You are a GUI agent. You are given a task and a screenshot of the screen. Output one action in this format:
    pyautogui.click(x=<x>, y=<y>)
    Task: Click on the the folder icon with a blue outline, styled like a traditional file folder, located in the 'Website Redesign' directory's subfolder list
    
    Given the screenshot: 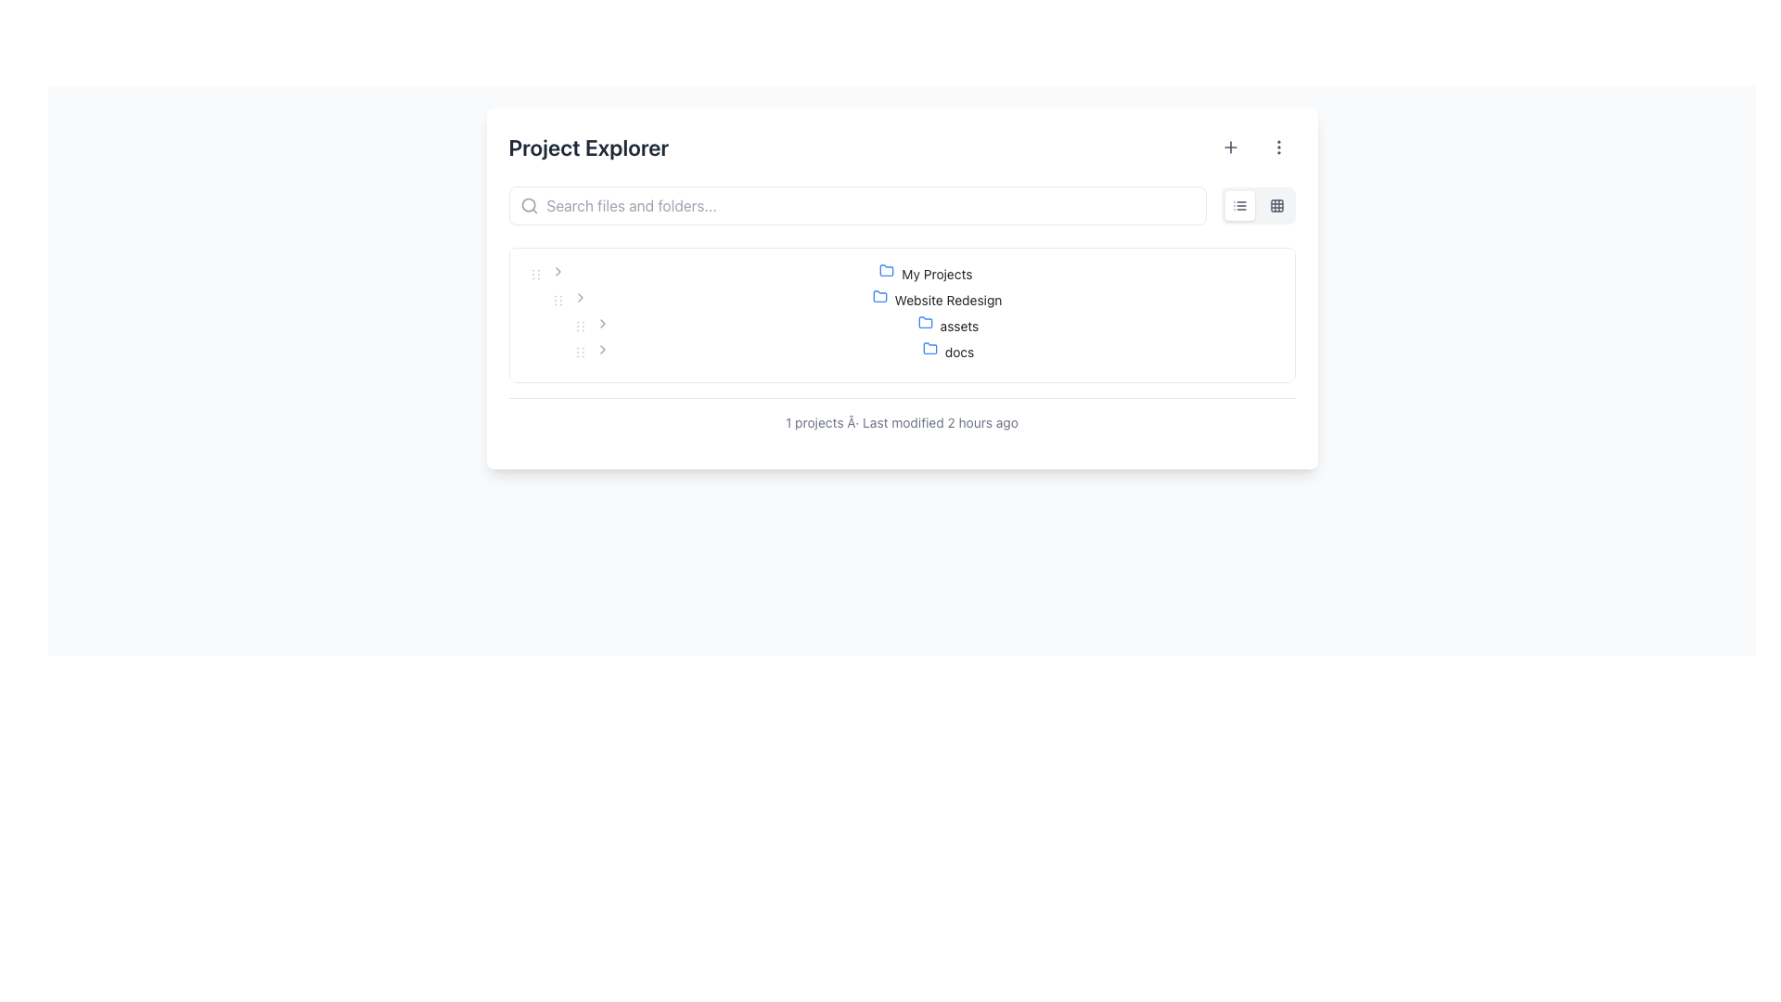 What is the action you would take?
    pyautogui.click(x=925, y=321)
    